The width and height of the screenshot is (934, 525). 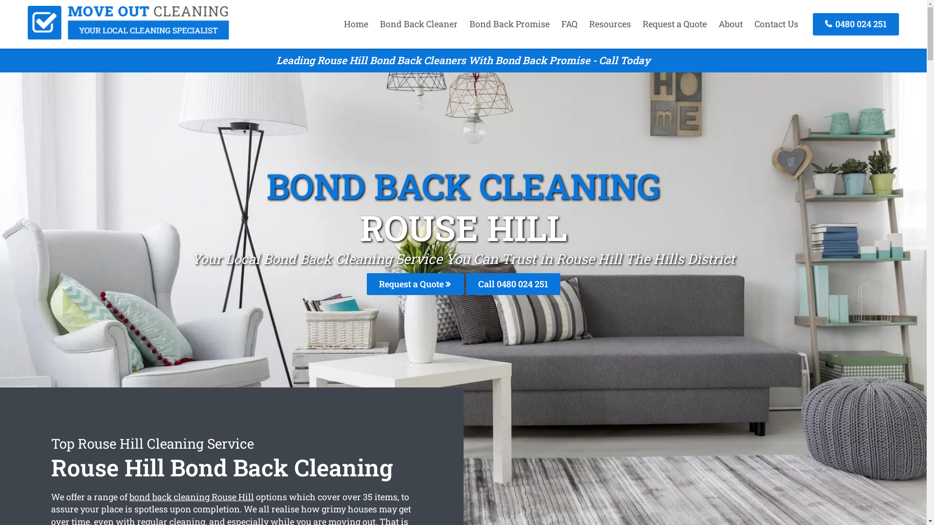 What do you see at coordinates (776, 23) in the screenshot?
I see `'Contact Us'` at bounding box center [776, 23].